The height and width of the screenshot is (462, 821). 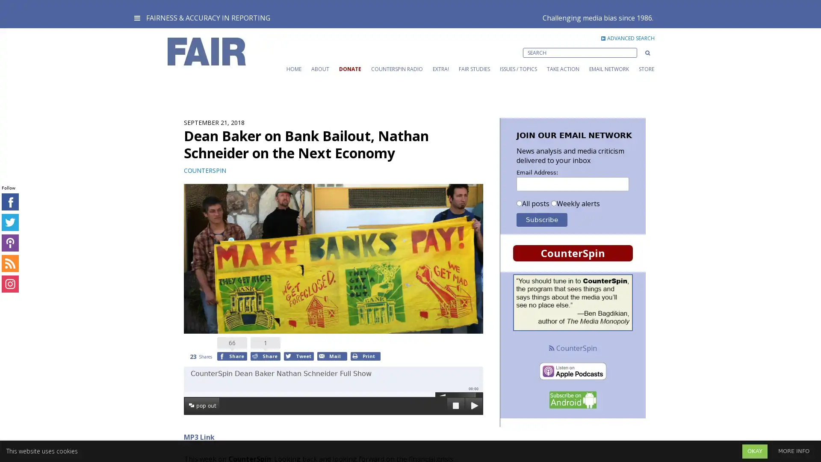 What do you see at coordinates (10, 263) in the screenshot?
I see `connect on RSS` at bounding box center [10, 263].